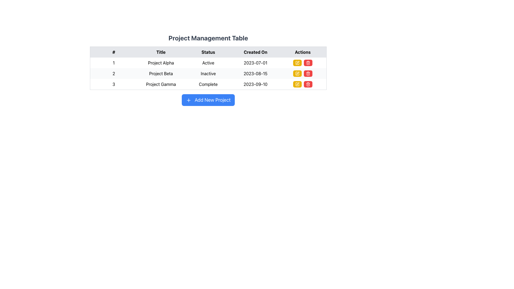  What do you see at coordinates (208, 73) in the screenshot?
I see `text for project details from the second row of the project management table, which includes columns for 'Title', 'Status', 'Created On', and 'Actions'` at bounding box center [208, 73].